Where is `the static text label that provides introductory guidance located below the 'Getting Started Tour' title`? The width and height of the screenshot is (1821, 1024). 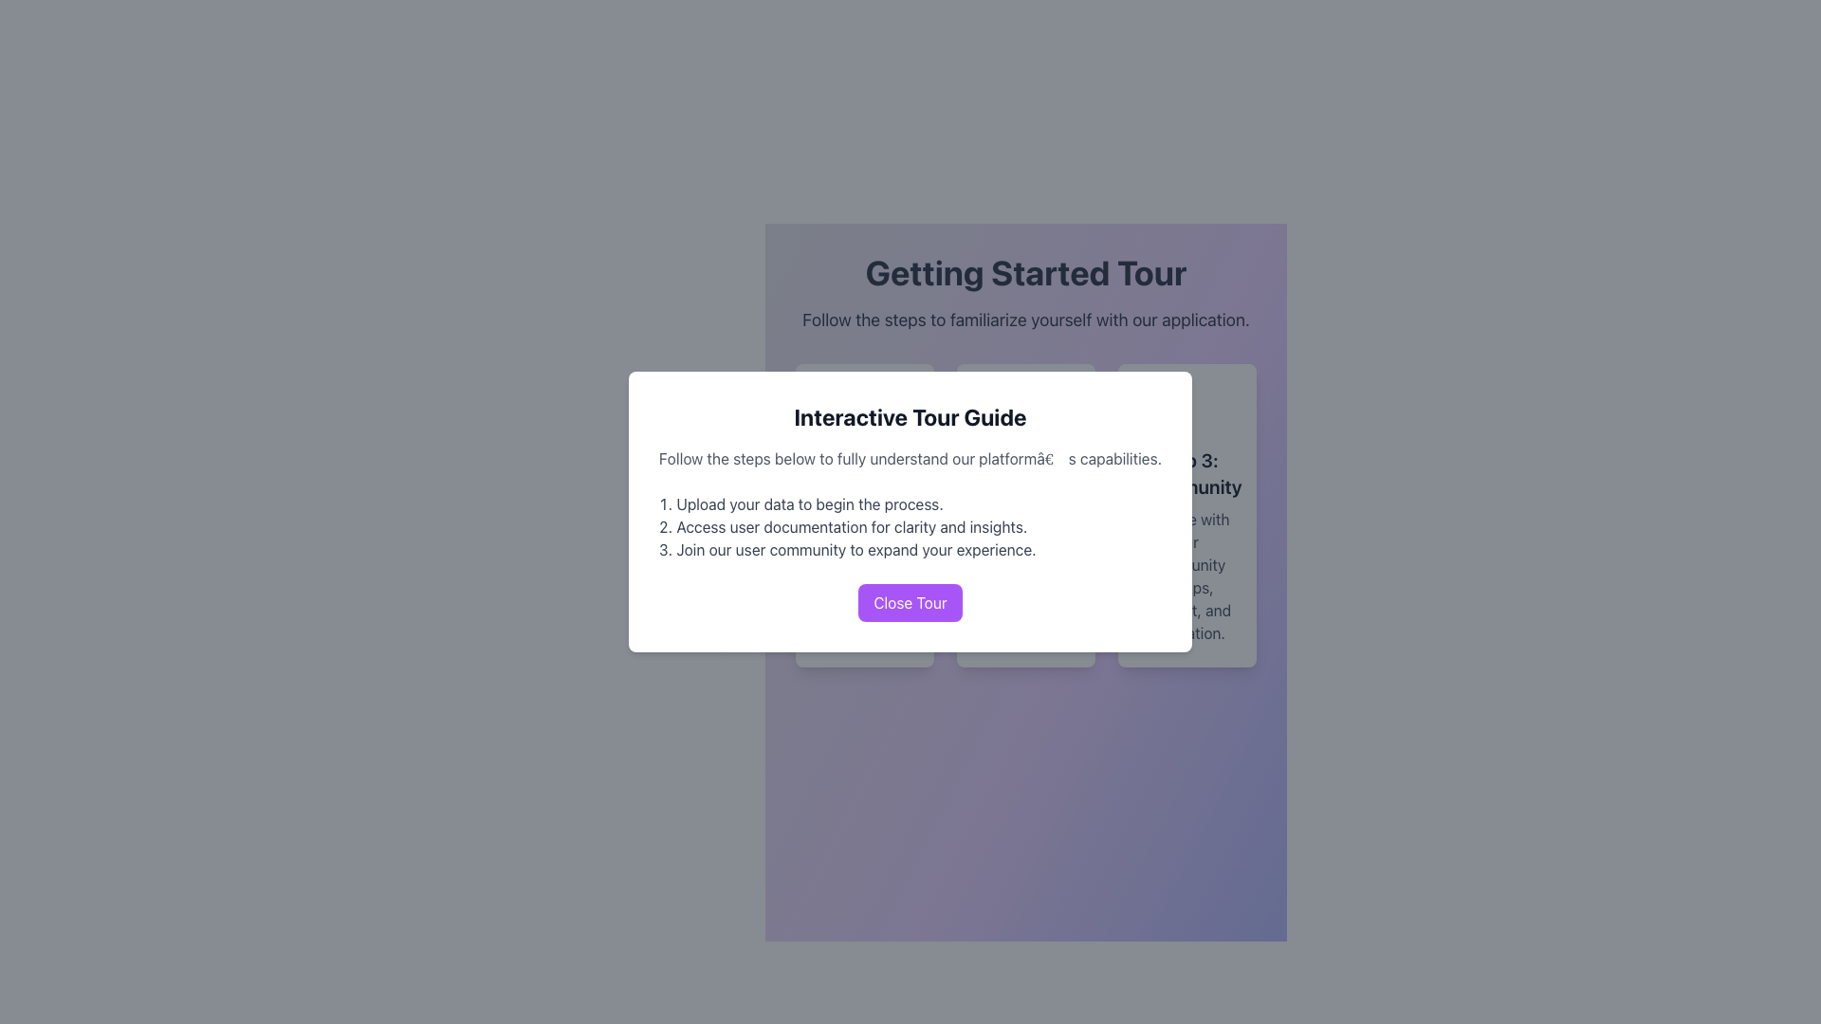
the static text label that provides introductory guidance located below the 'Getting Started Tour' title is located at coordinates (1024, 320).